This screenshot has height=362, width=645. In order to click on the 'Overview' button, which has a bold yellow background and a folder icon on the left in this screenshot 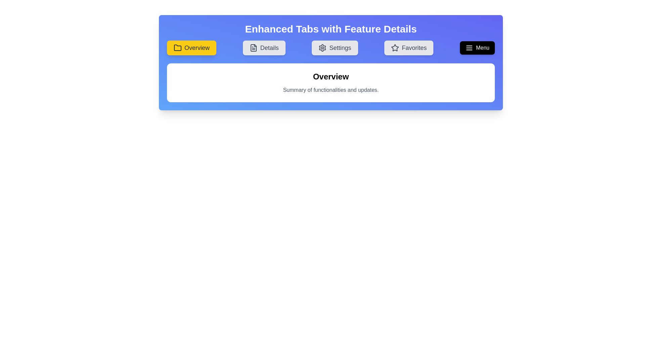, I will do `click(191, 47)`.